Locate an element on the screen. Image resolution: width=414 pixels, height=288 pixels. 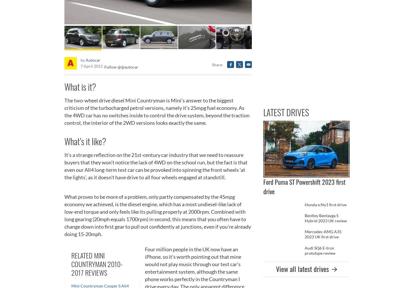
'Autocar' is located at coordinates (93, 60).